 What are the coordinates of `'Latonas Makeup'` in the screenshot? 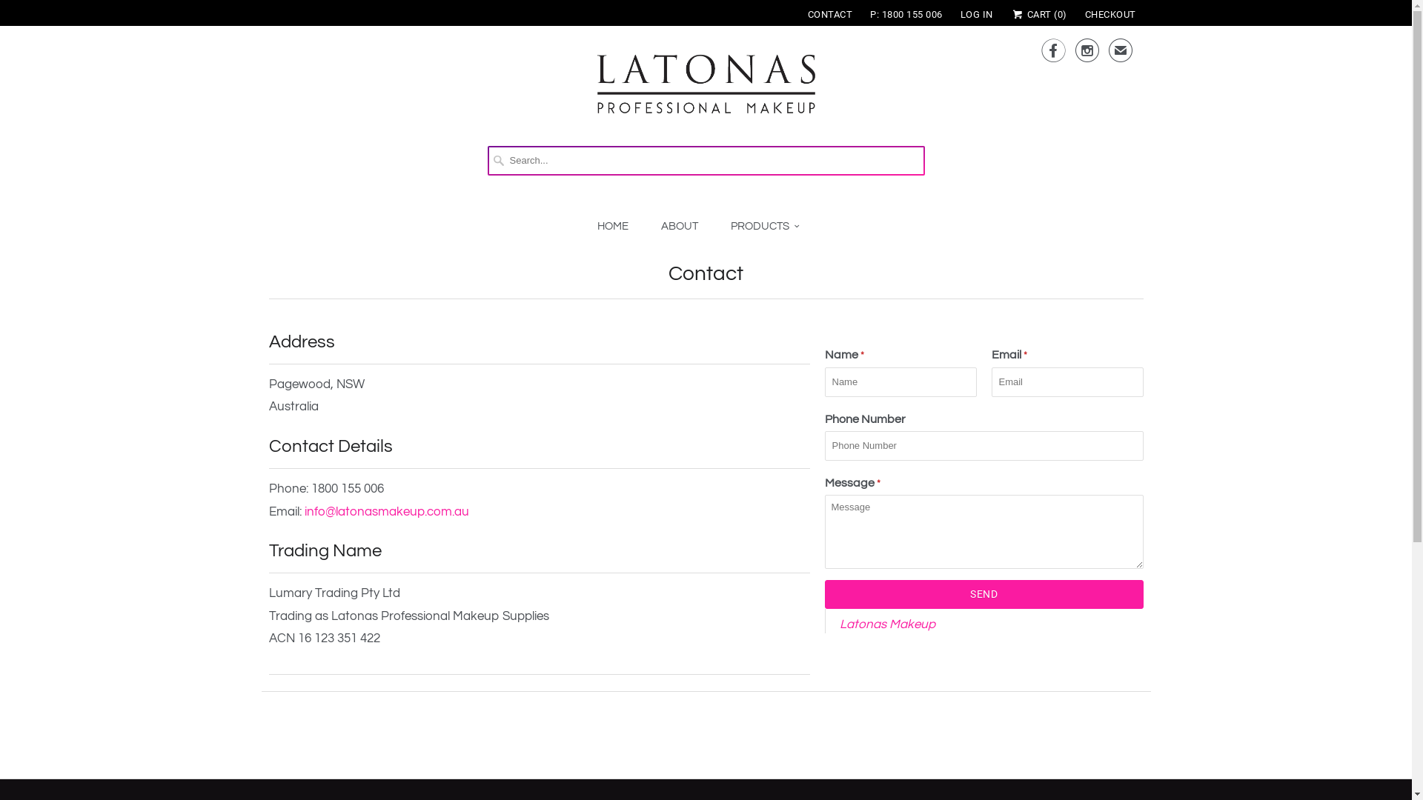 It's located at (706, 91).